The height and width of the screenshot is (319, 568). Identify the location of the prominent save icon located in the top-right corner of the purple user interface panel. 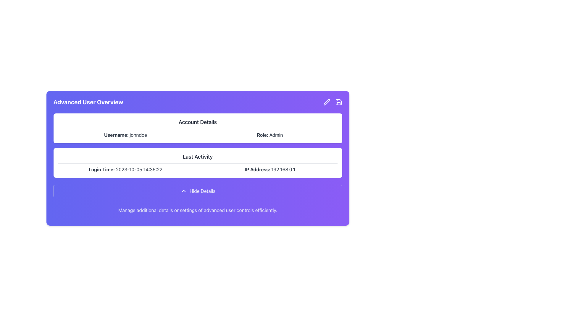
(338, 102).